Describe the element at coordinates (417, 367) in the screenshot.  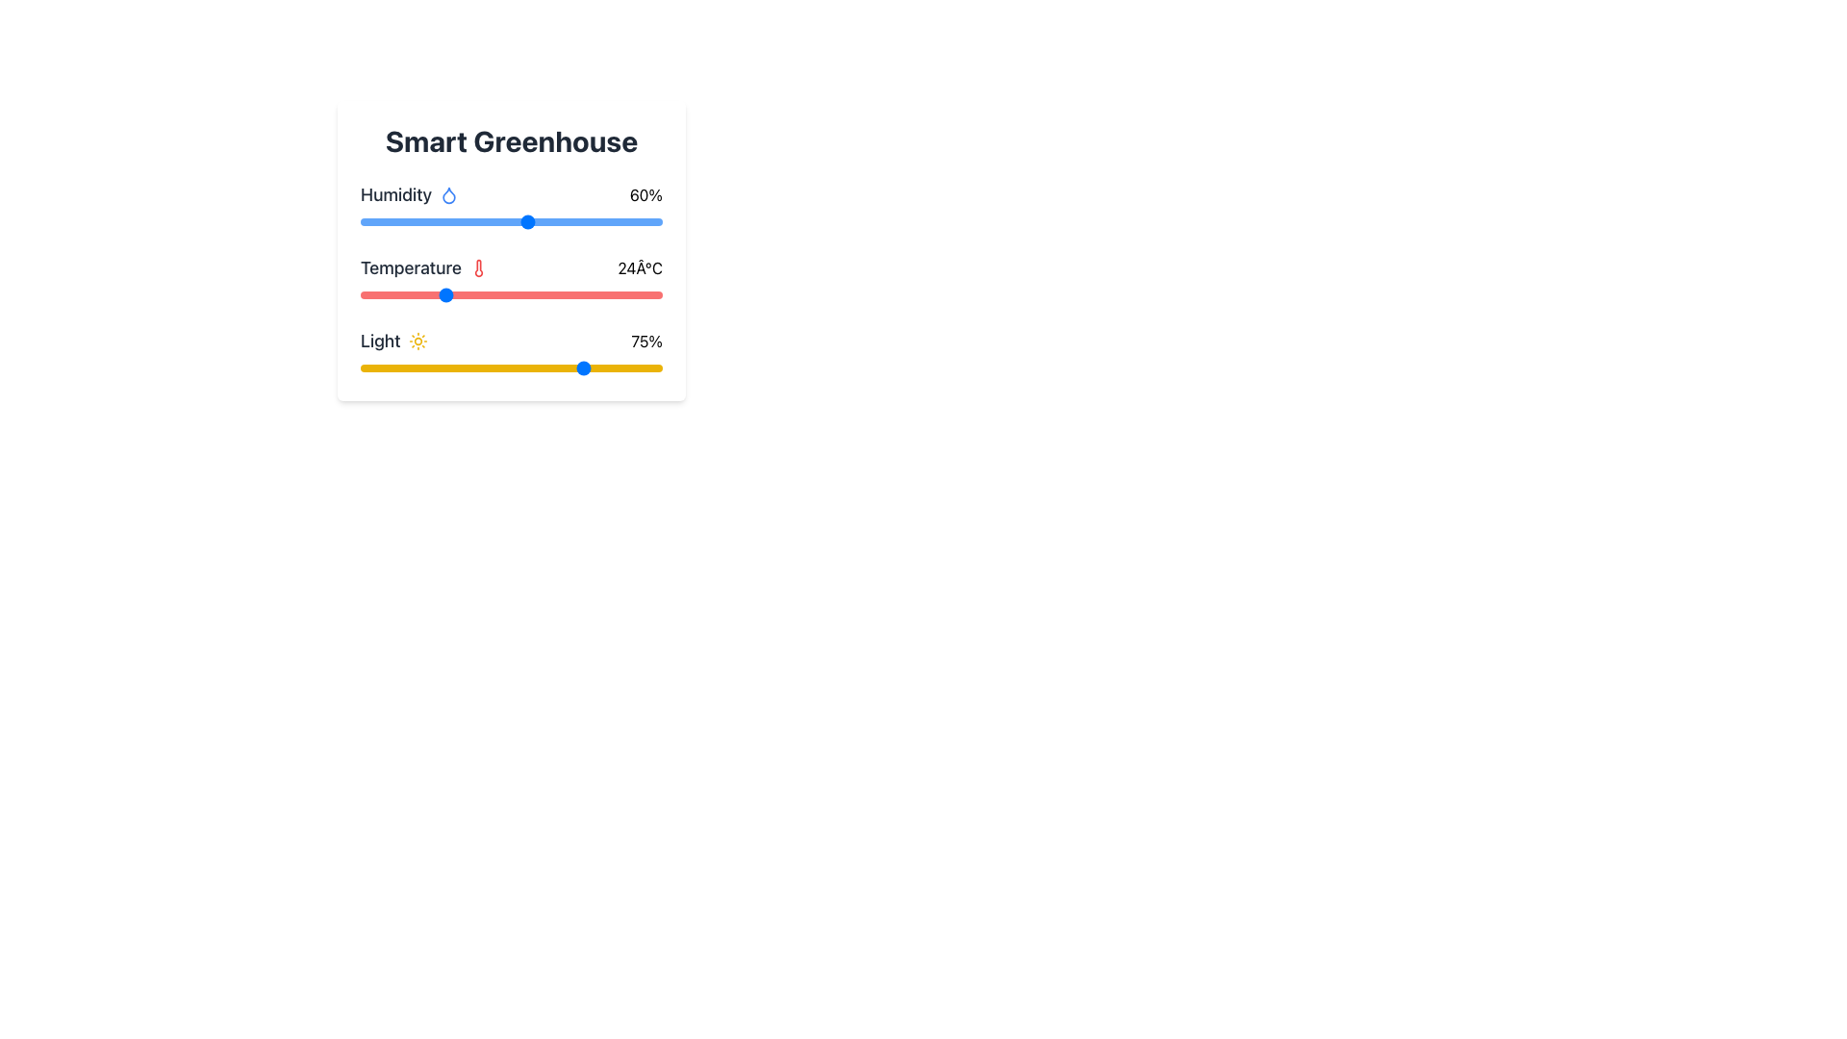
I see `light intensity` at that location.